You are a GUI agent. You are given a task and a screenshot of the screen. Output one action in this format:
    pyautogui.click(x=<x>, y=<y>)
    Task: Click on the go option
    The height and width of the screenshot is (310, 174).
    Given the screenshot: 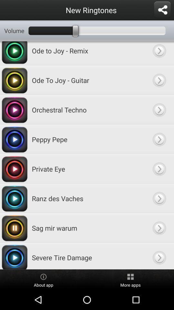 What is the action you would take?
    pyautogui.click(x=159, y=110)
    